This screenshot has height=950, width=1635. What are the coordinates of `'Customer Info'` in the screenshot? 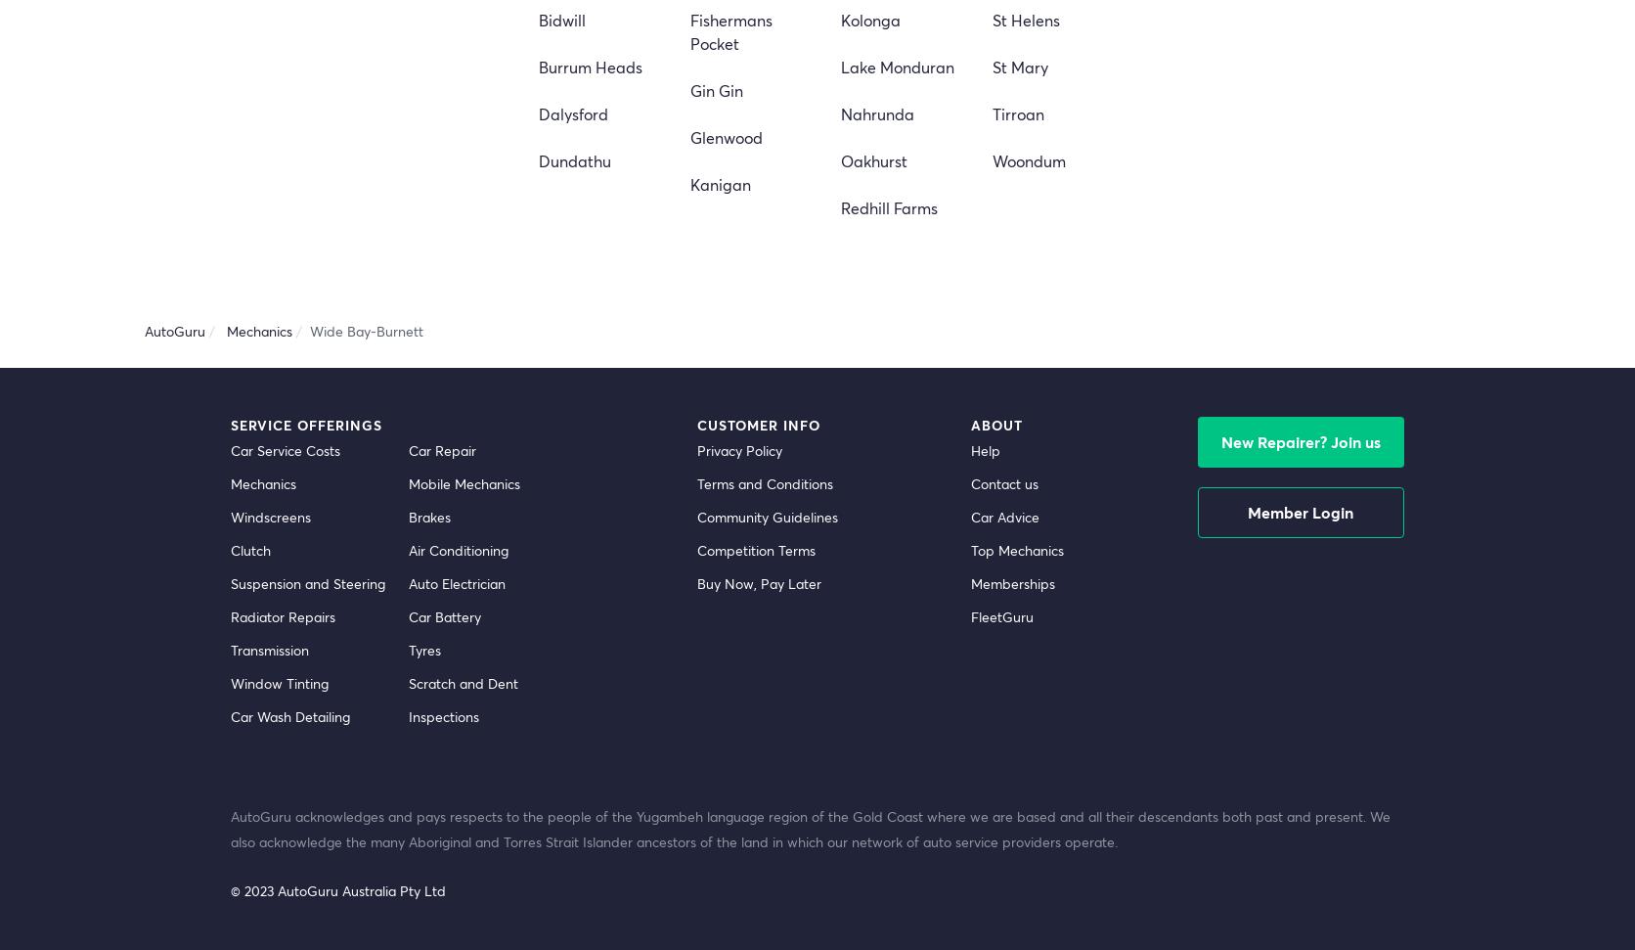 It's located at (756, 424).